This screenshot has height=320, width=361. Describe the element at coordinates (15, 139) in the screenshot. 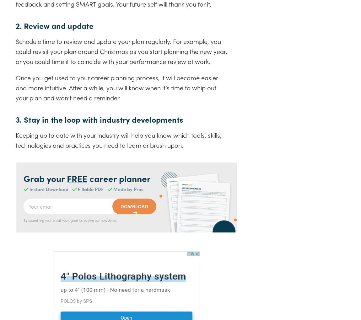

I see `'Keeping up to date with your industry will help you know which tools, skills, technologies and practices you need to learn or brush upon.'` at that location.